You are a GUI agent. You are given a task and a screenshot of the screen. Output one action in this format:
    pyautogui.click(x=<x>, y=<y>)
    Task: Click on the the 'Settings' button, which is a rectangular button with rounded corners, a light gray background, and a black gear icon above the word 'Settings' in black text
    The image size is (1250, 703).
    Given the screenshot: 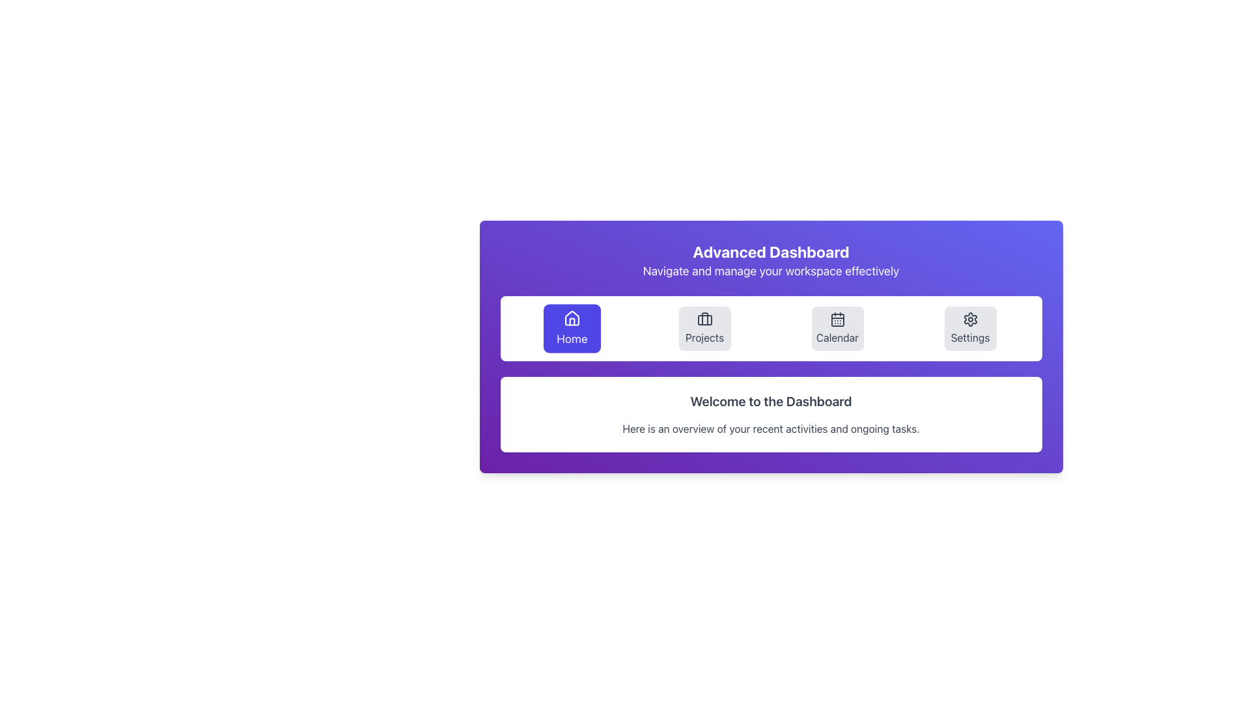 What is the action you would take?
    pyautogui.click(x=970, y=328)
    